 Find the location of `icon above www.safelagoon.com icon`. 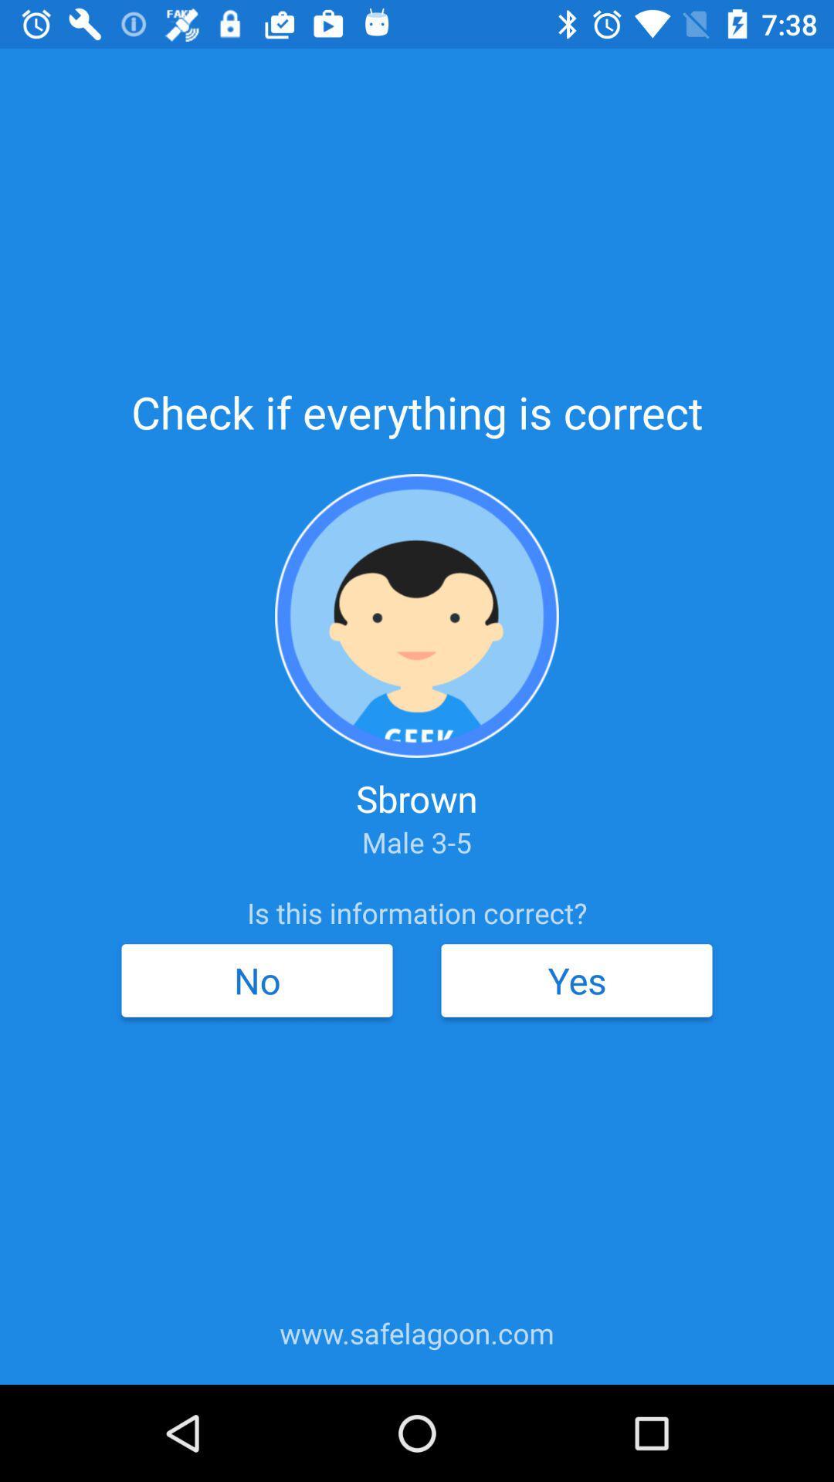

icon above www.safelagoon.com icon is located at coordinates (577, 980).